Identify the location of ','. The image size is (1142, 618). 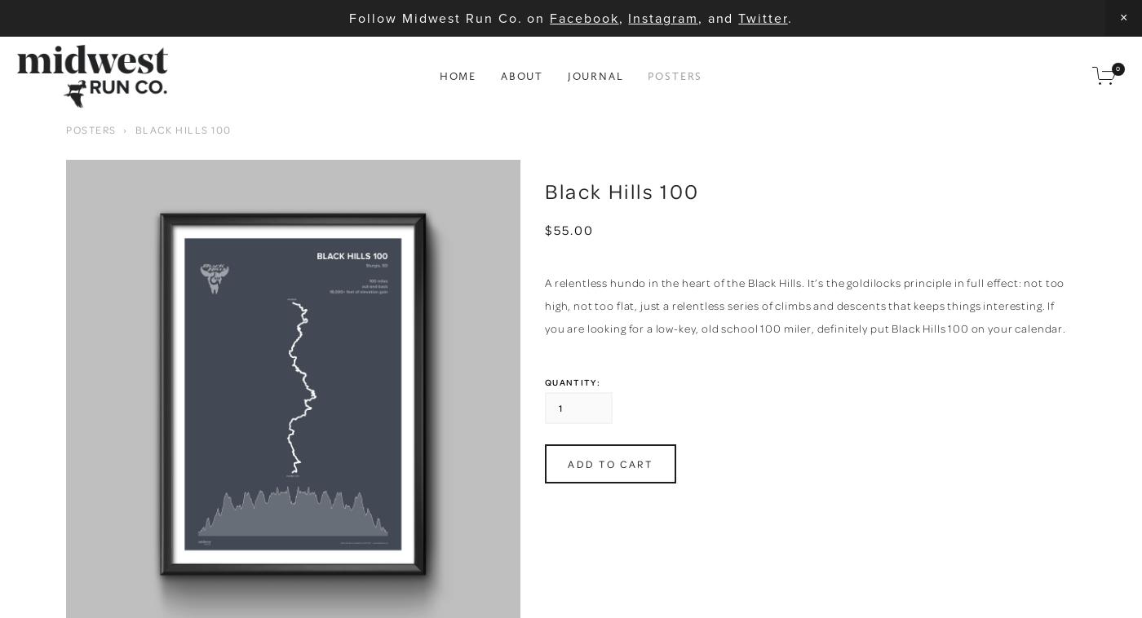
(622, 16).